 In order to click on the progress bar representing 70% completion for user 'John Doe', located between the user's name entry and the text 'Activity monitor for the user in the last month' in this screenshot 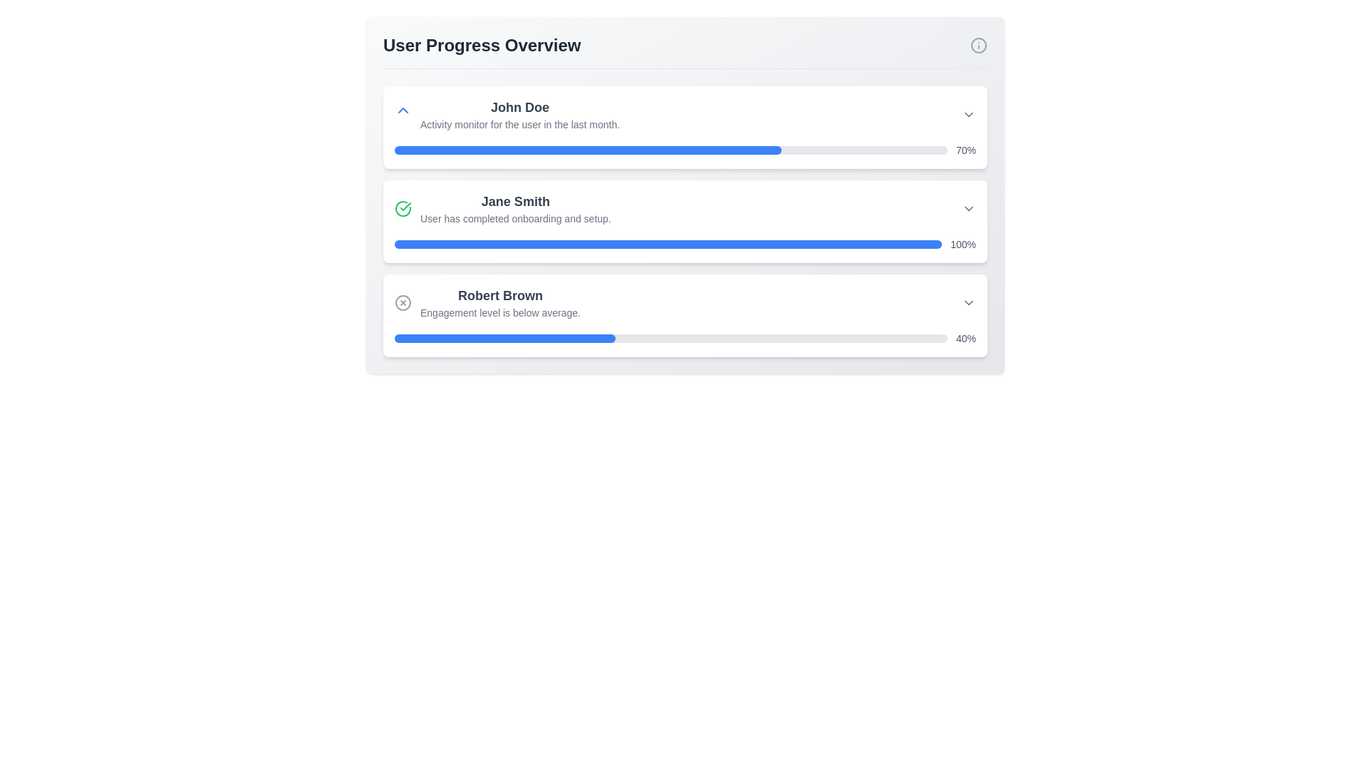, I will do `click(670, 150)`.